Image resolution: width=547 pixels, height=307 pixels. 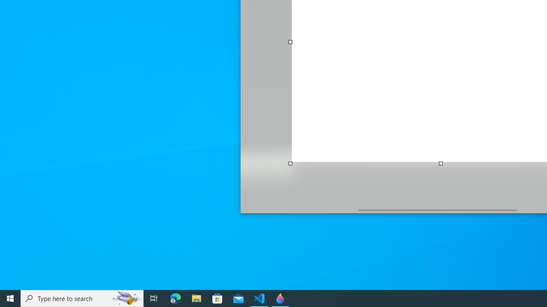 I want to click on 'Microsoft Store', so click(x=218, y=298).